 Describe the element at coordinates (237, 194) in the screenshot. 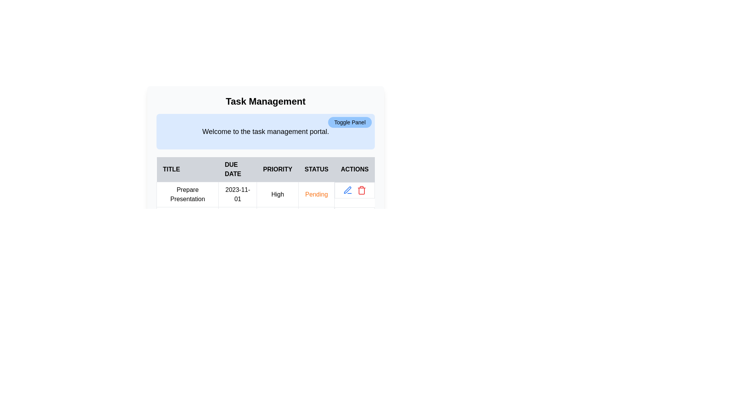

I see `the text display element showing the due date for the task 'Prepare Presentation' in the table` at that location.